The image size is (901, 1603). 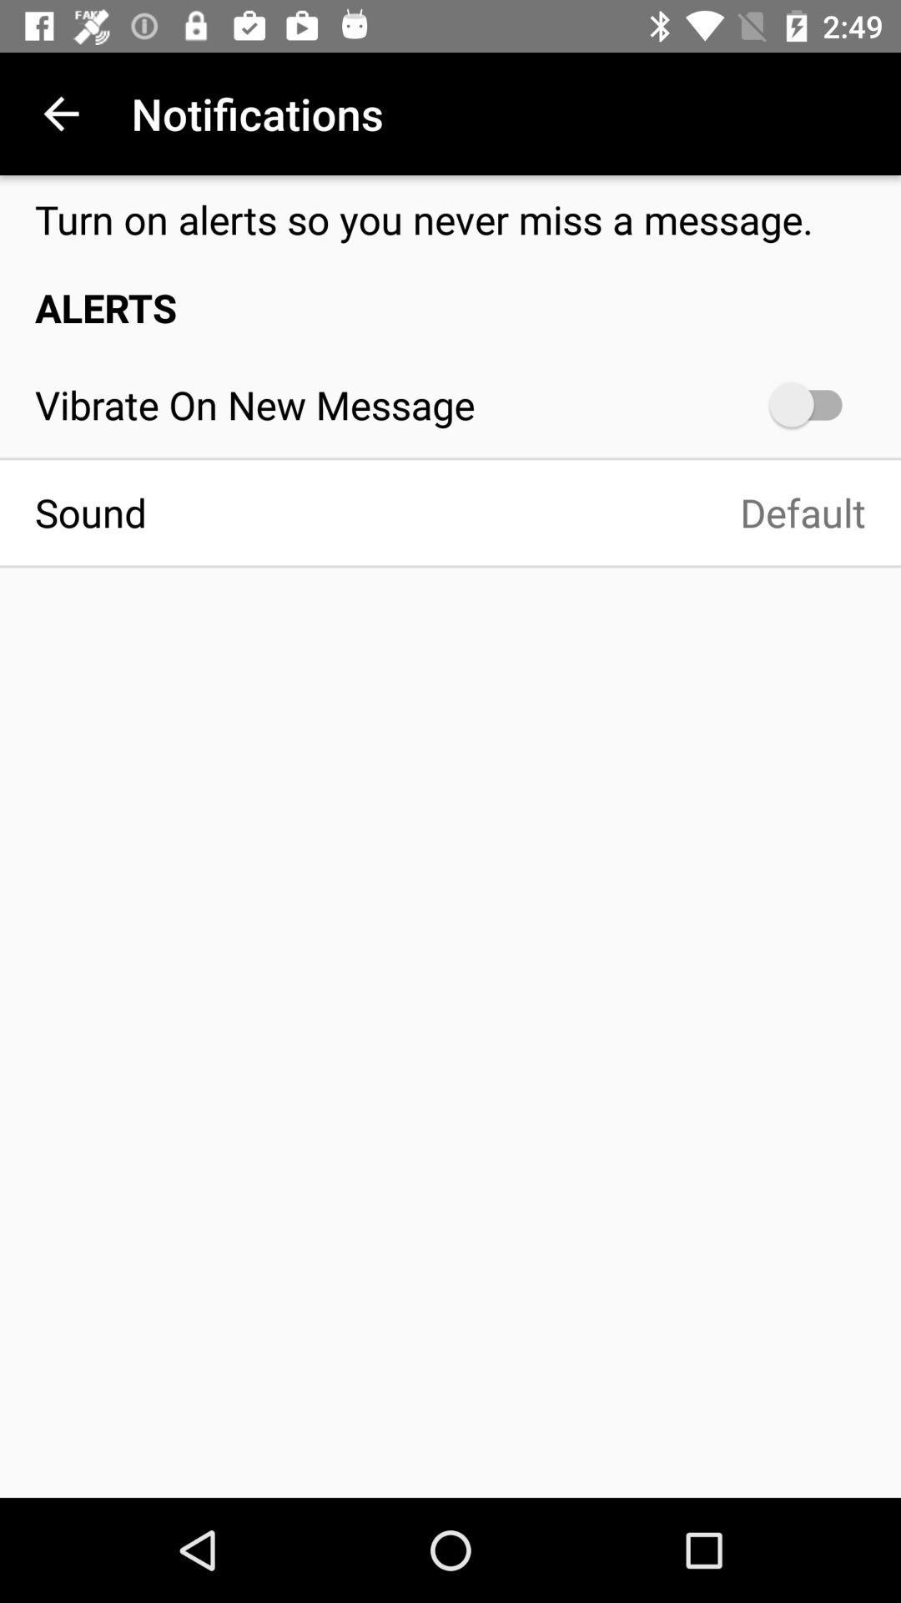 I want to click on the icon next to vibrate on new item, so click(x=813, y=404).